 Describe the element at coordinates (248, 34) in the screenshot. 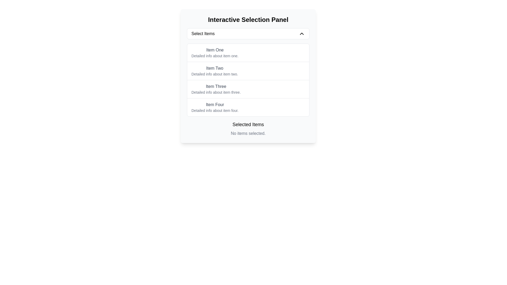

I see `the dropdown menu labeled 'Select Items' to make a selection` at that location.